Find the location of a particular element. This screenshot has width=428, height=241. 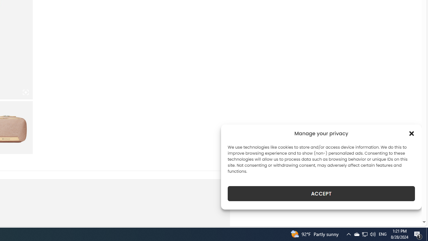

'ACCEPT' is located at coordinates (321, 193).